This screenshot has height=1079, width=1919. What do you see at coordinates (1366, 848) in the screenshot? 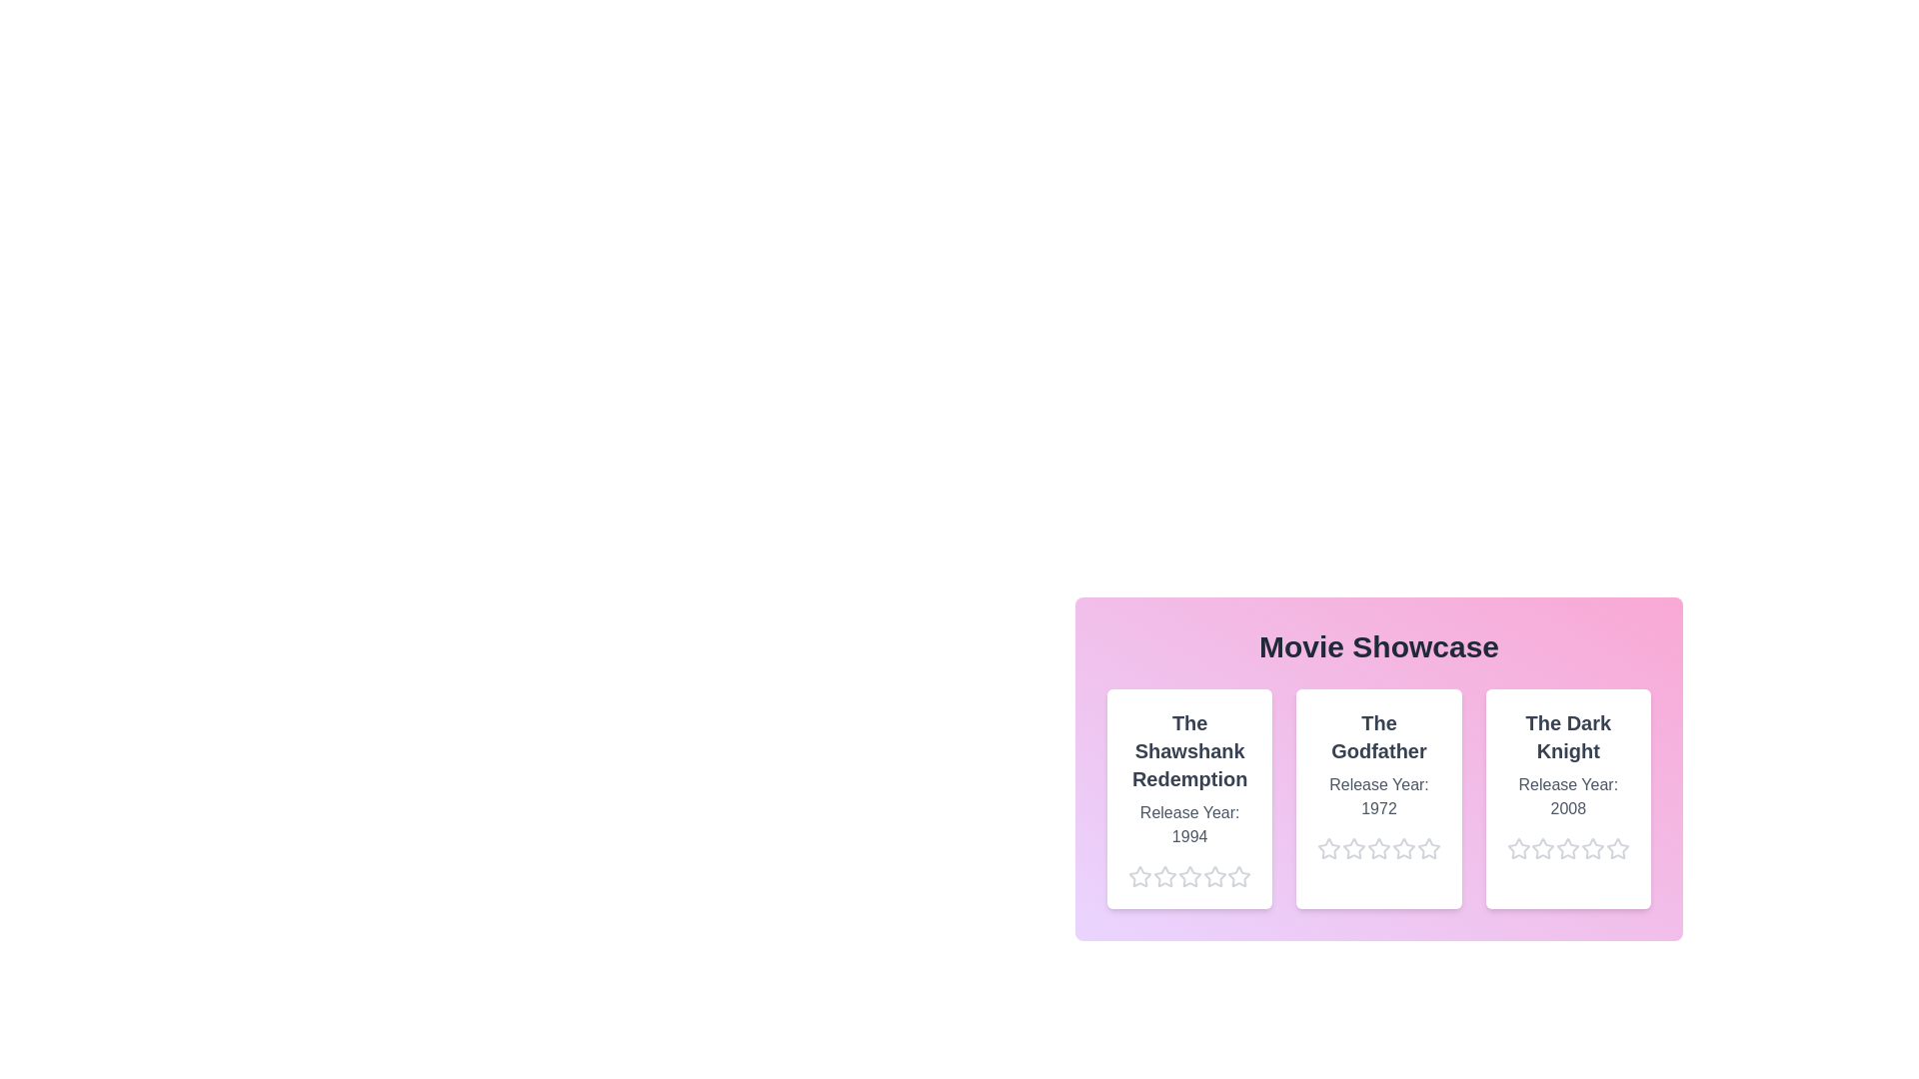
I see `the star corresponding to 3 stars for the movie The Godfather` at bounding box center [1366, 848].